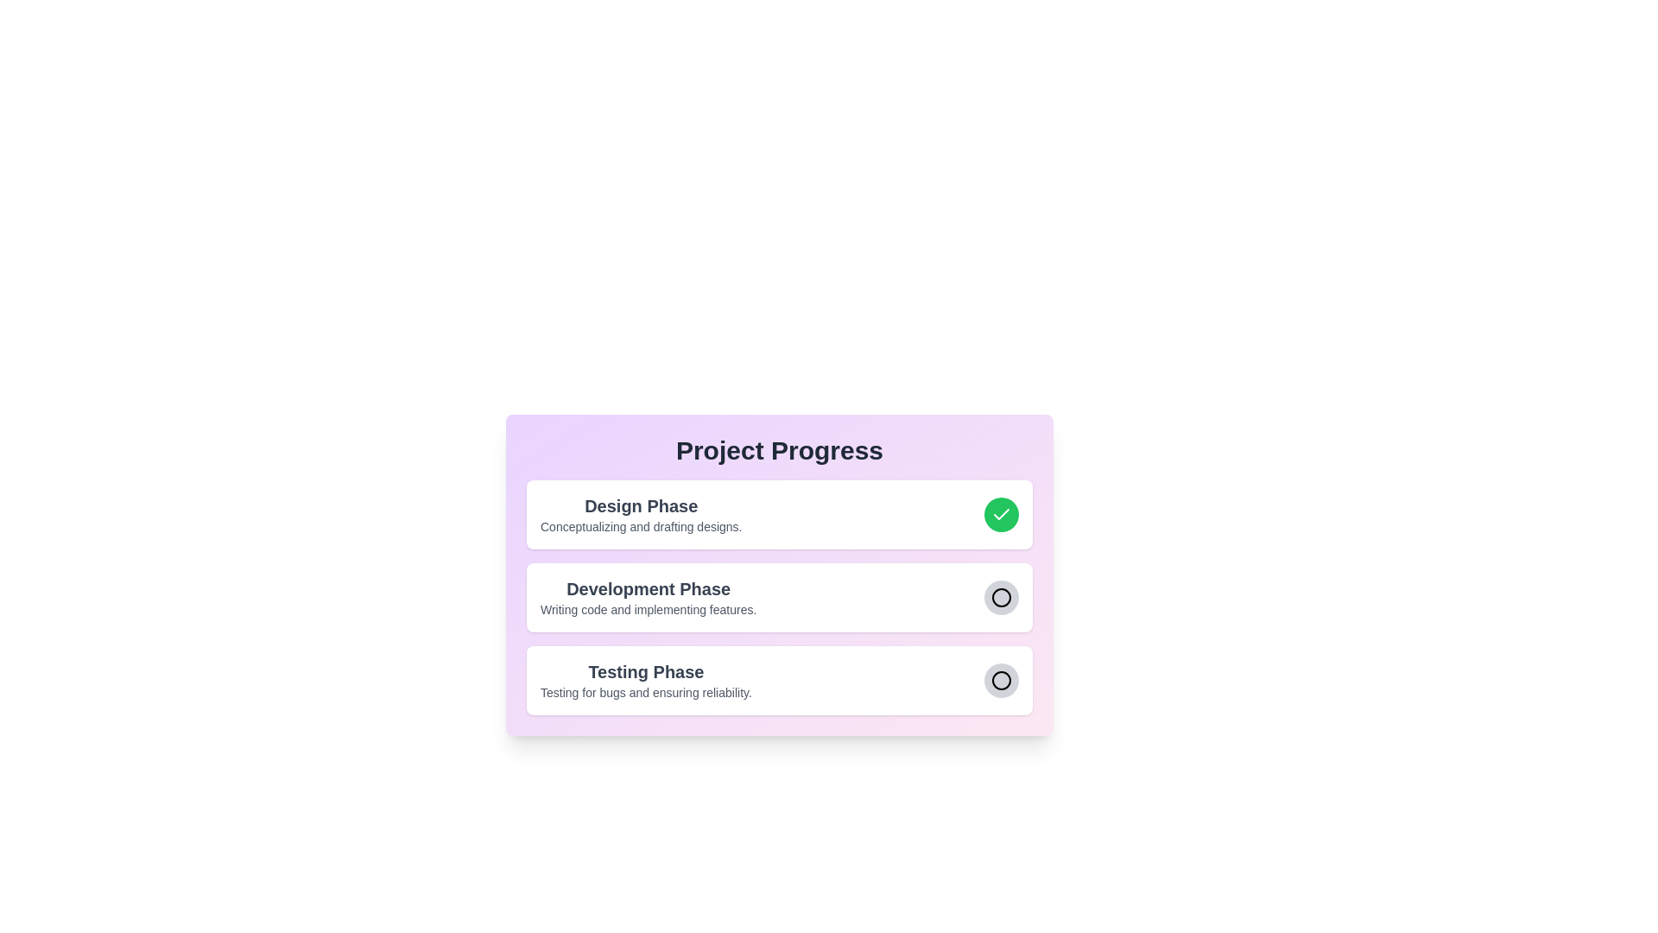 Image resolution: width=1658 pixels, height=933 pixels. Describe the element at coordinates (648, 608) in the screenshot. I see `the label displaying 'Writing code and implementing features.' which is styled with a smaller gray font and located below the bold title 'Development Phase'` at that location.